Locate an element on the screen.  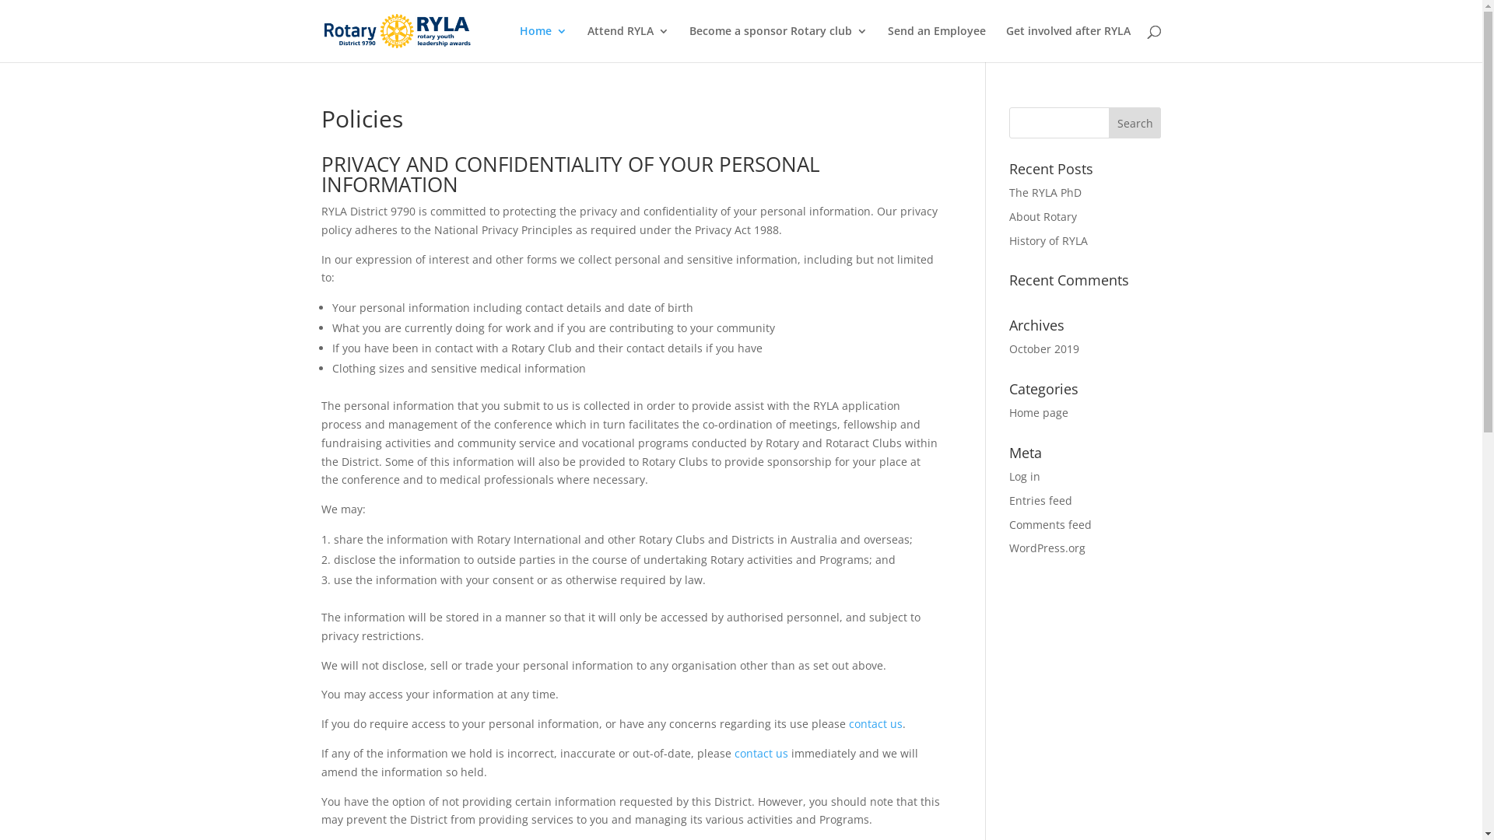
'Become a sponsor Rotary club' is located at coordinates (689, 43).